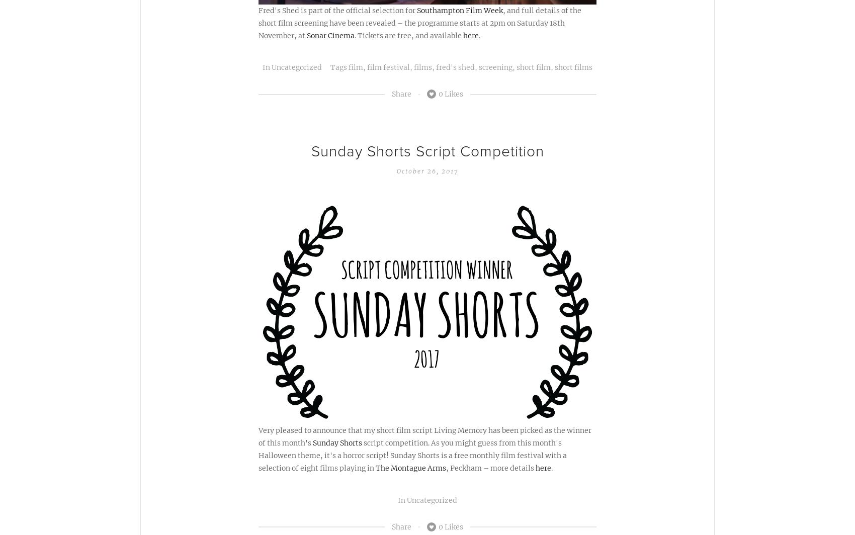  I want to click on 'Sunday Shorts', so click(312, 442).